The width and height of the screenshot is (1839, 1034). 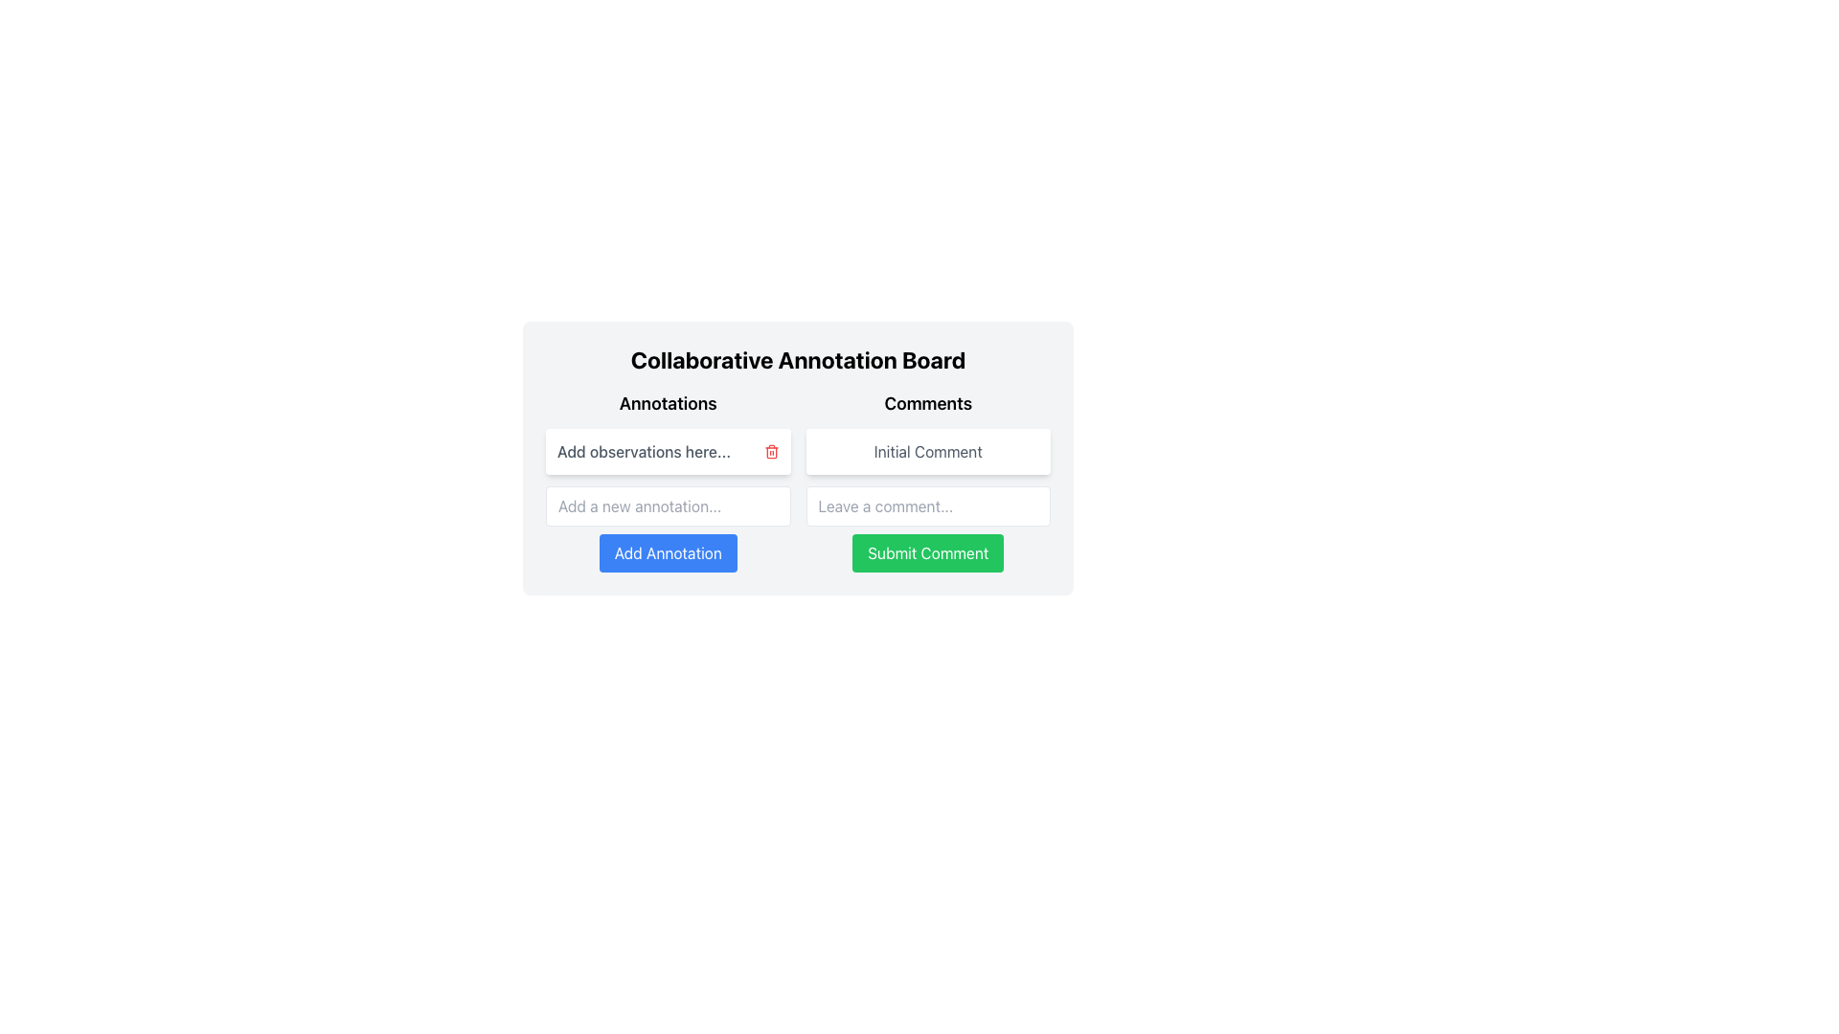 I want to click on the text input field for comments, which is styled with a light gray border and rounded corners, located under the 'Comments' section, so click(x=928, y=505).